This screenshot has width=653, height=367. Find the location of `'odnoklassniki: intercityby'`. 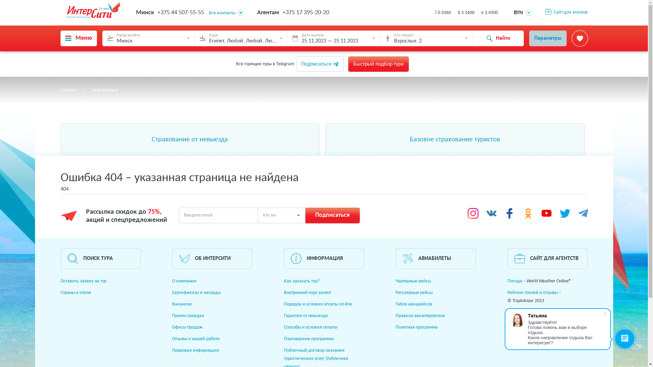

'odnoklassniki: intercityby' is located at coordinates (528, 213).